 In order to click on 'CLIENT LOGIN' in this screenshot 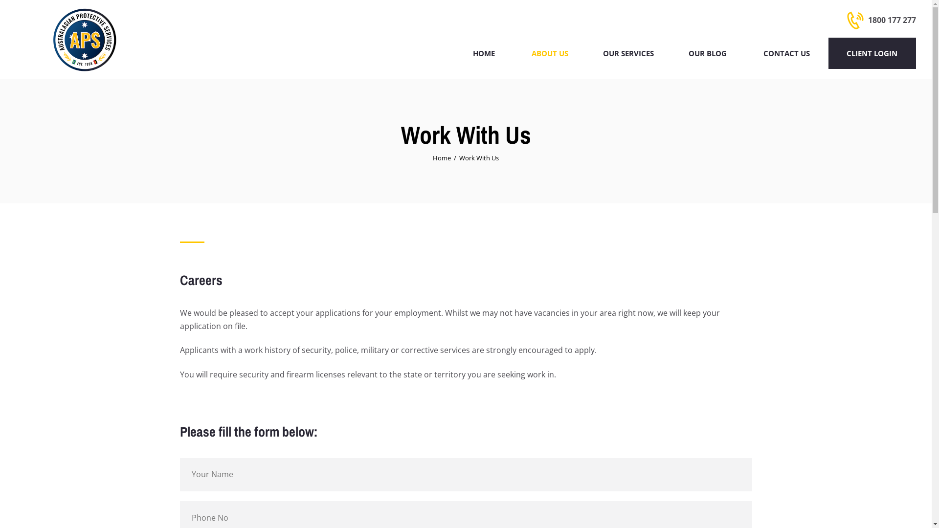, I will do `click(872, 53)`.